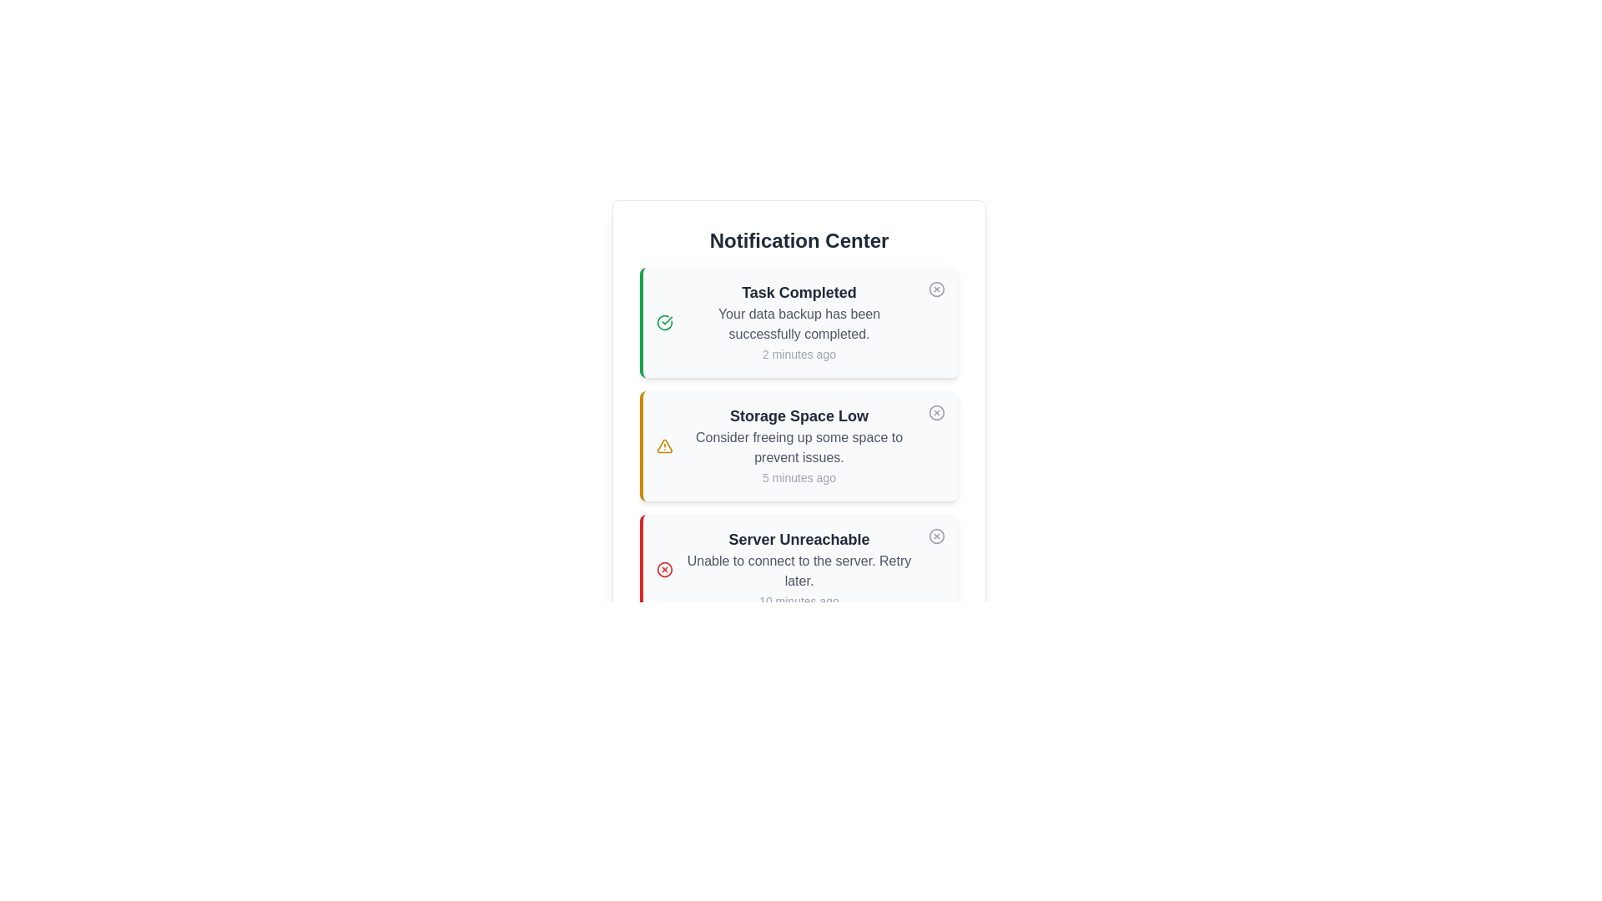  I want to click on the circular green checkmark icon in the top-left region of the 'Task Completed' notification card, indicating a completed task, so click(663, 322).